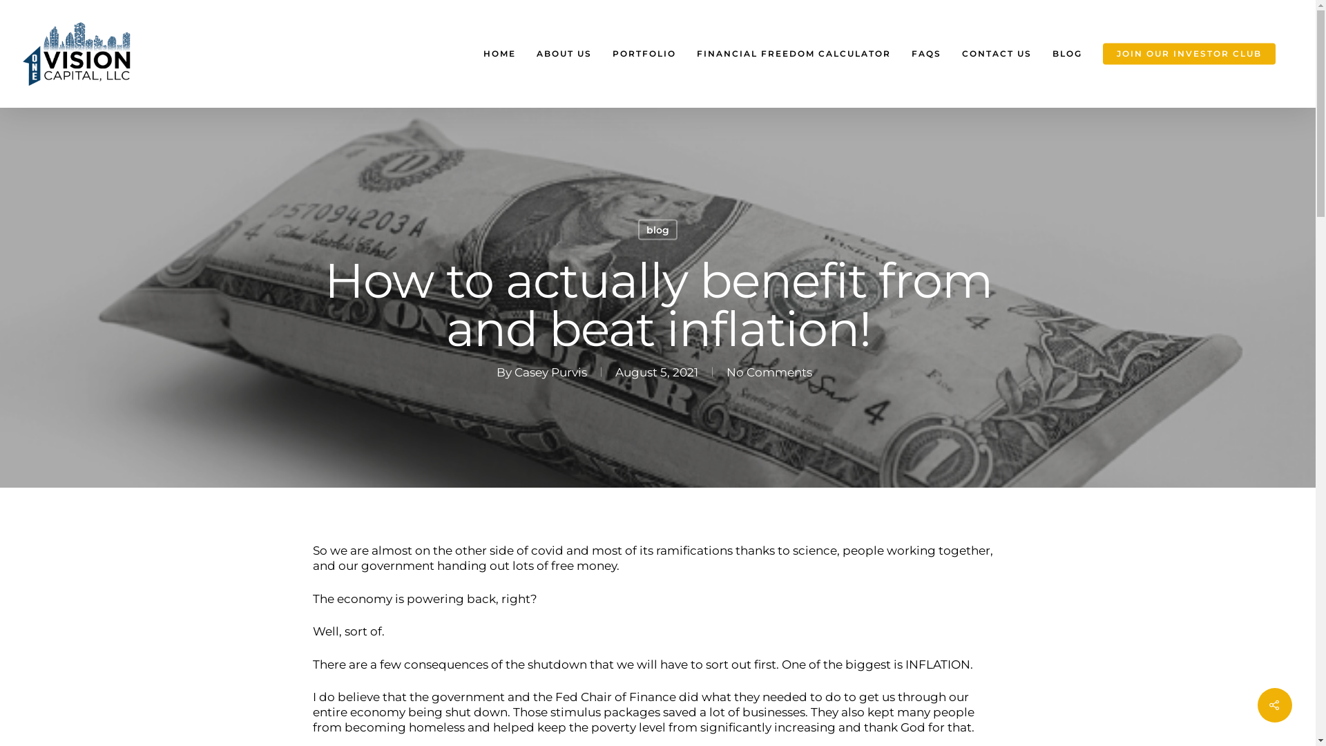 This screenshot has height=746, width=1326. I want to click on 'HOME', so click(473, 52).